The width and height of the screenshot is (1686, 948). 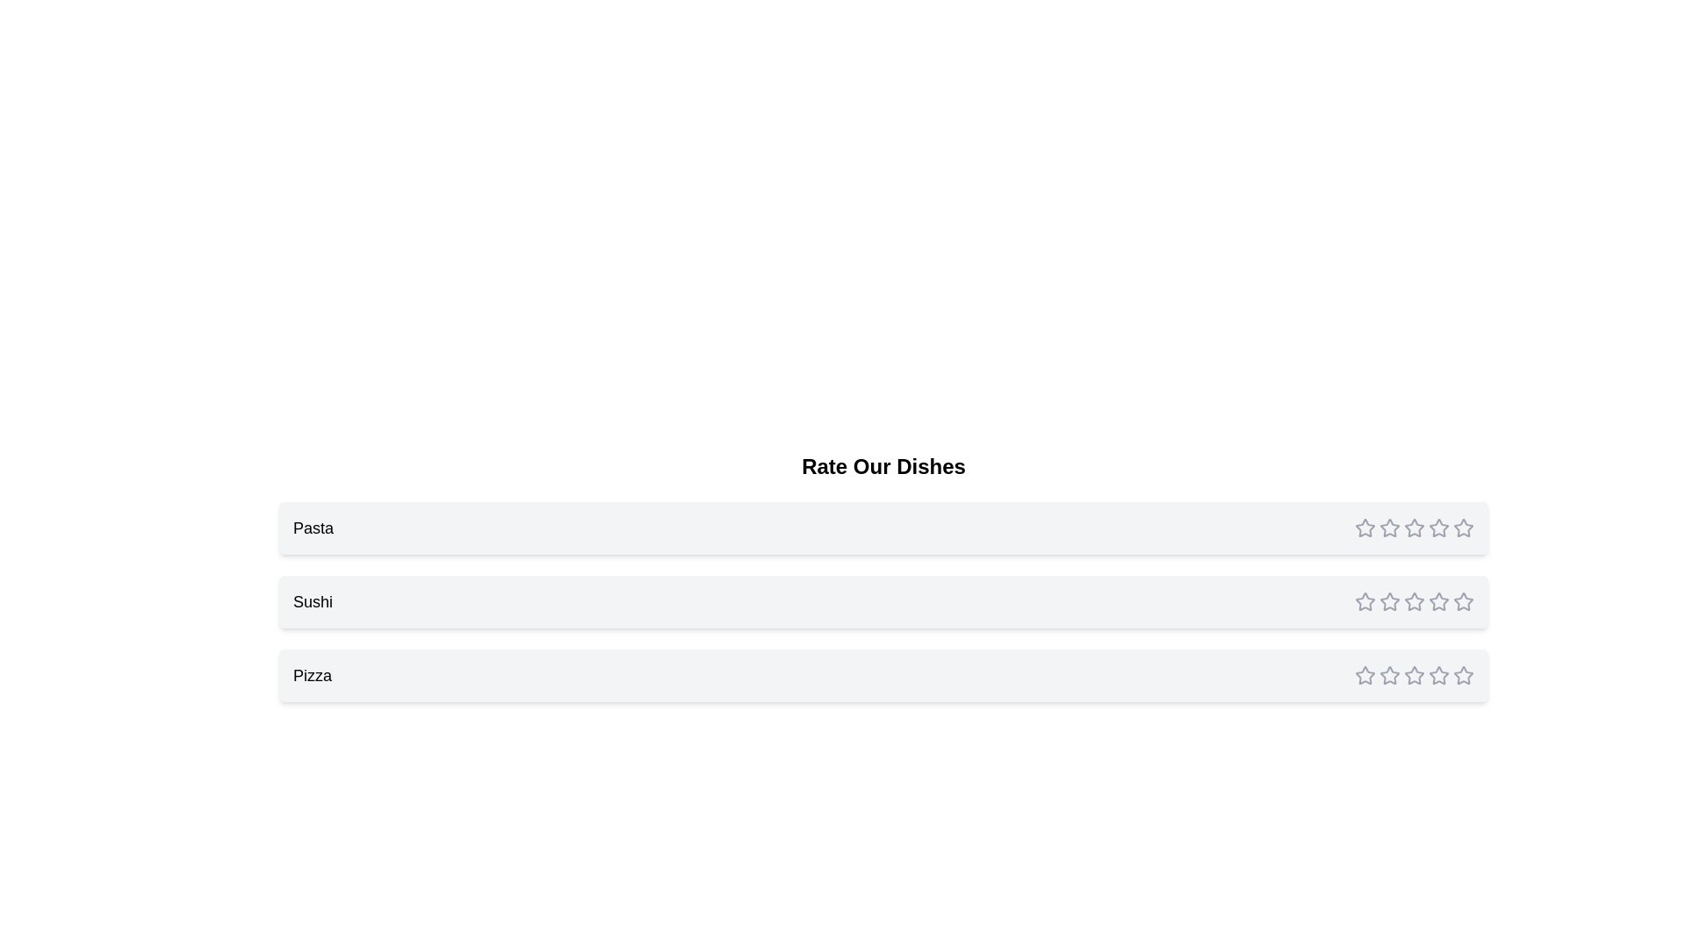 I want to click on the fourth star icon in the rating system, which is silver-grey and hollow, so click(x=1438, y=527).